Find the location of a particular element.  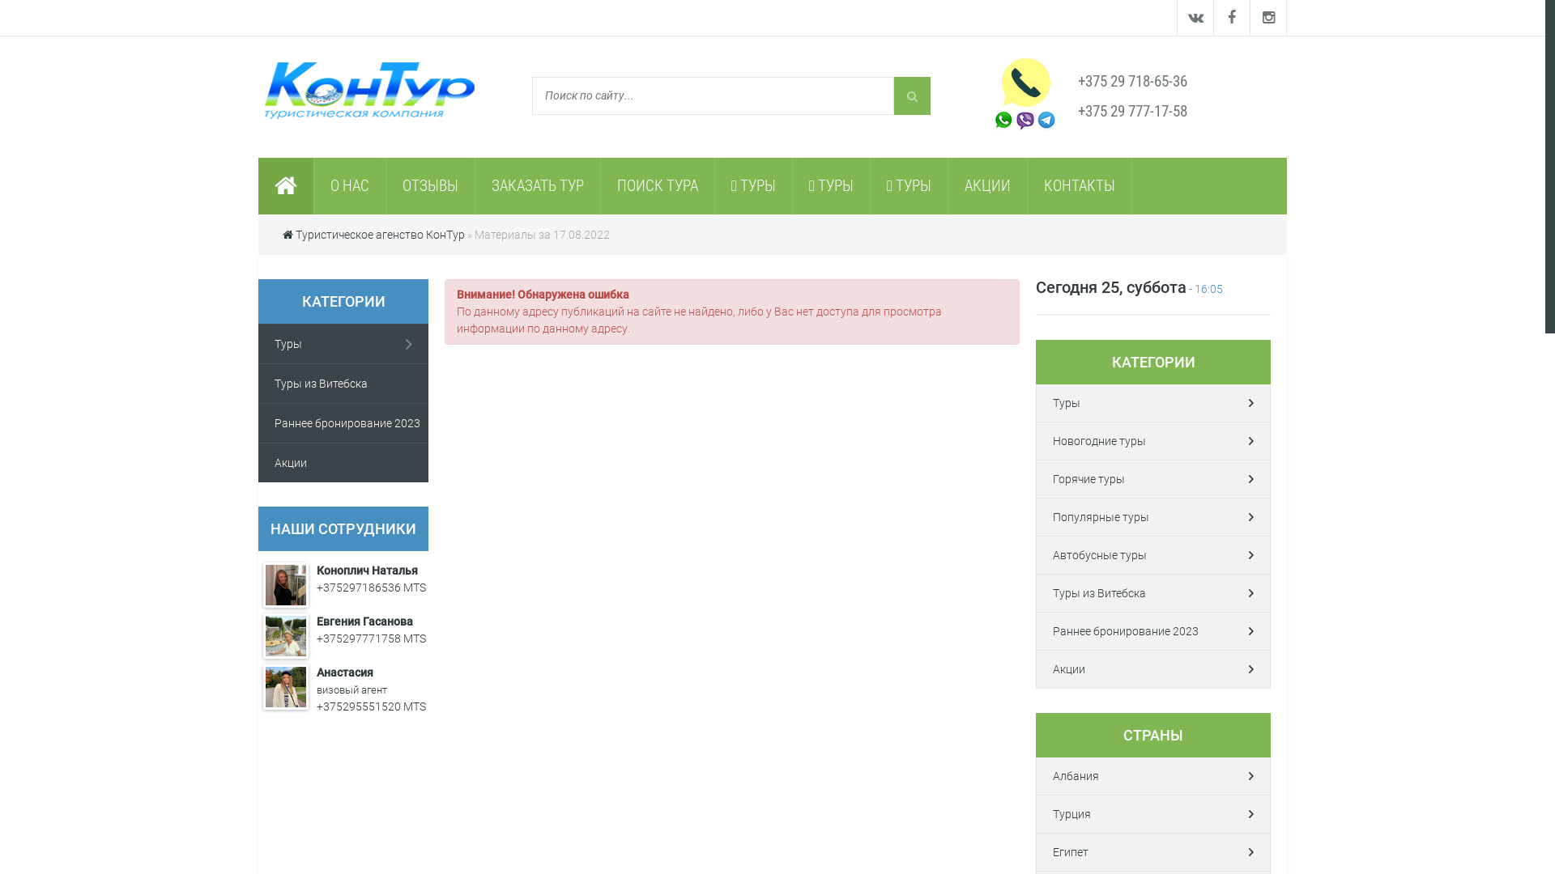

'instagram' is located at coordinates (1267, 18).